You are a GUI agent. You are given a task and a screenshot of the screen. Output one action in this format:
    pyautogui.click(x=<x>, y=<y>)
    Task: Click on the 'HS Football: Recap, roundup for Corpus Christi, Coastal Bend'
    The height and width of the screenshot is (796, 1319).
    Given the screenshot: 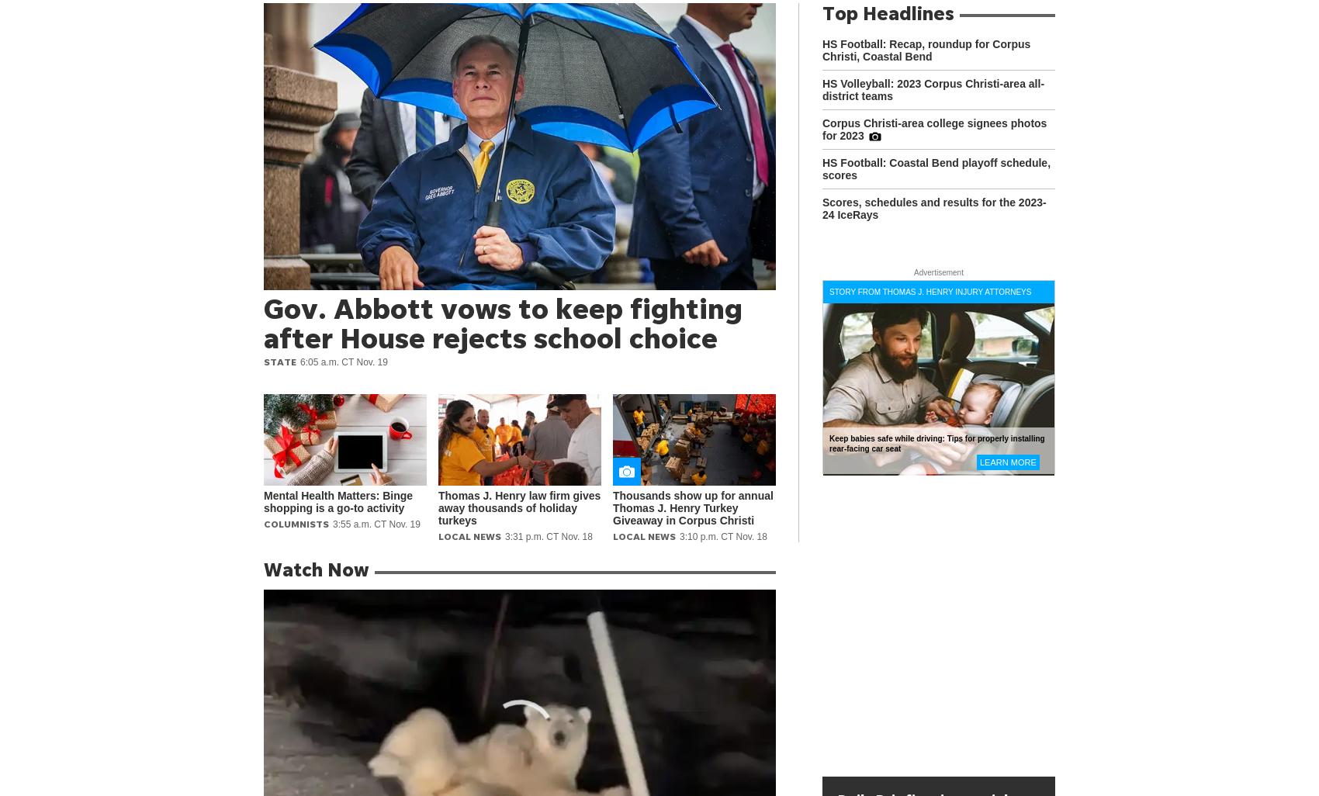 What is the action you would take?
    pyautogui.click(x=926, y=50)
    